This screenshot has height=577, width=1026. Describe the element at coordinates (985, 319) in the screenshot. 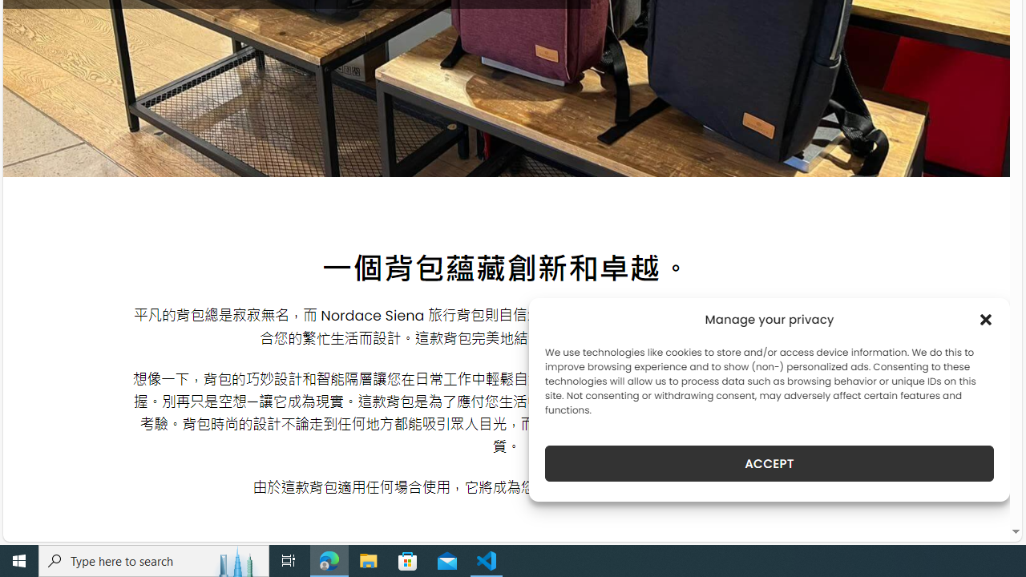

I see `'Class: cmplz-close'` at that location.